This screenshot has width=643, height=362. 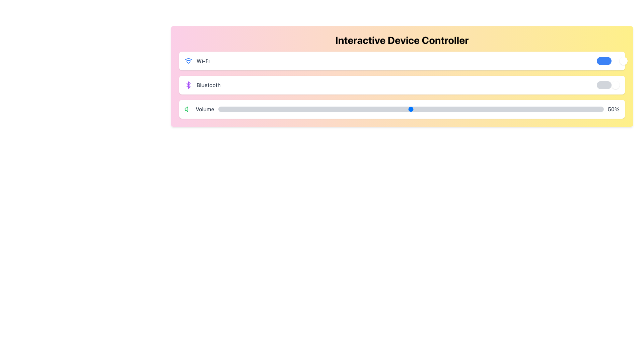 I want to click on the toggle indicator located at the right edge of the toggle track in the Bluetooth setting, so click(x=616, y=85).